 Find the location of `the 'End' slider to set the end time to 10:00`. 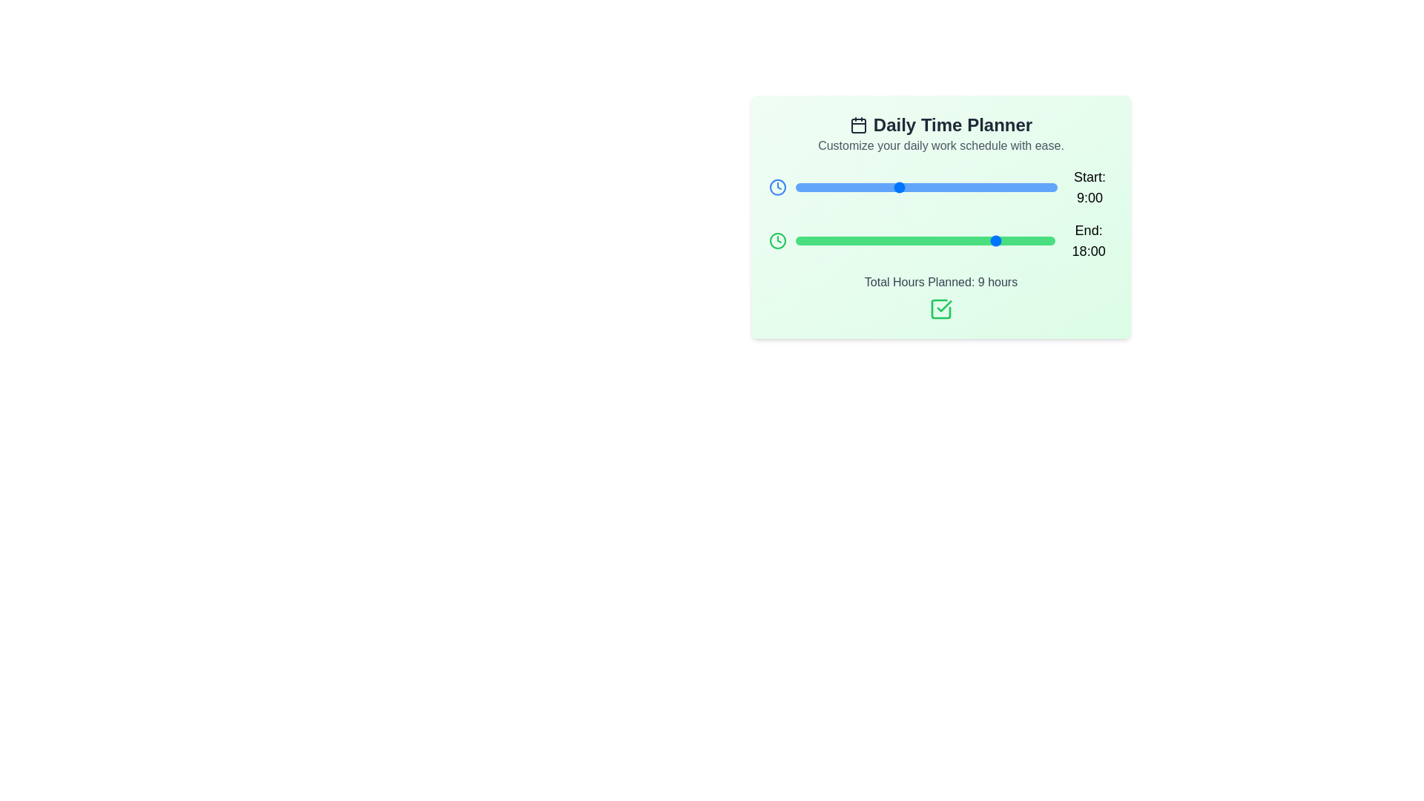

the 'End' slider to set the end time to 10:00 is located at coordinates (908, 240).